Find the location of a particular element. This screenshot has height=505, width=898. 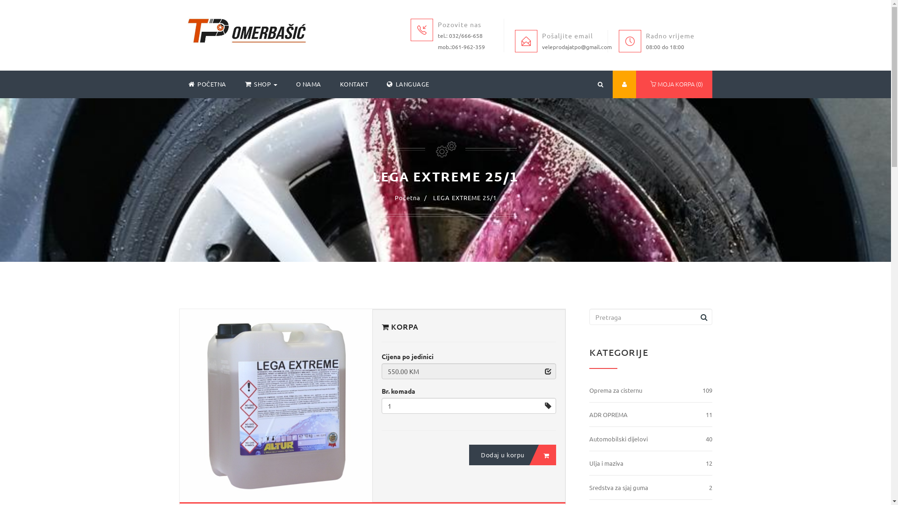

'Ulja i maziva is located at coordinates (650, 463).